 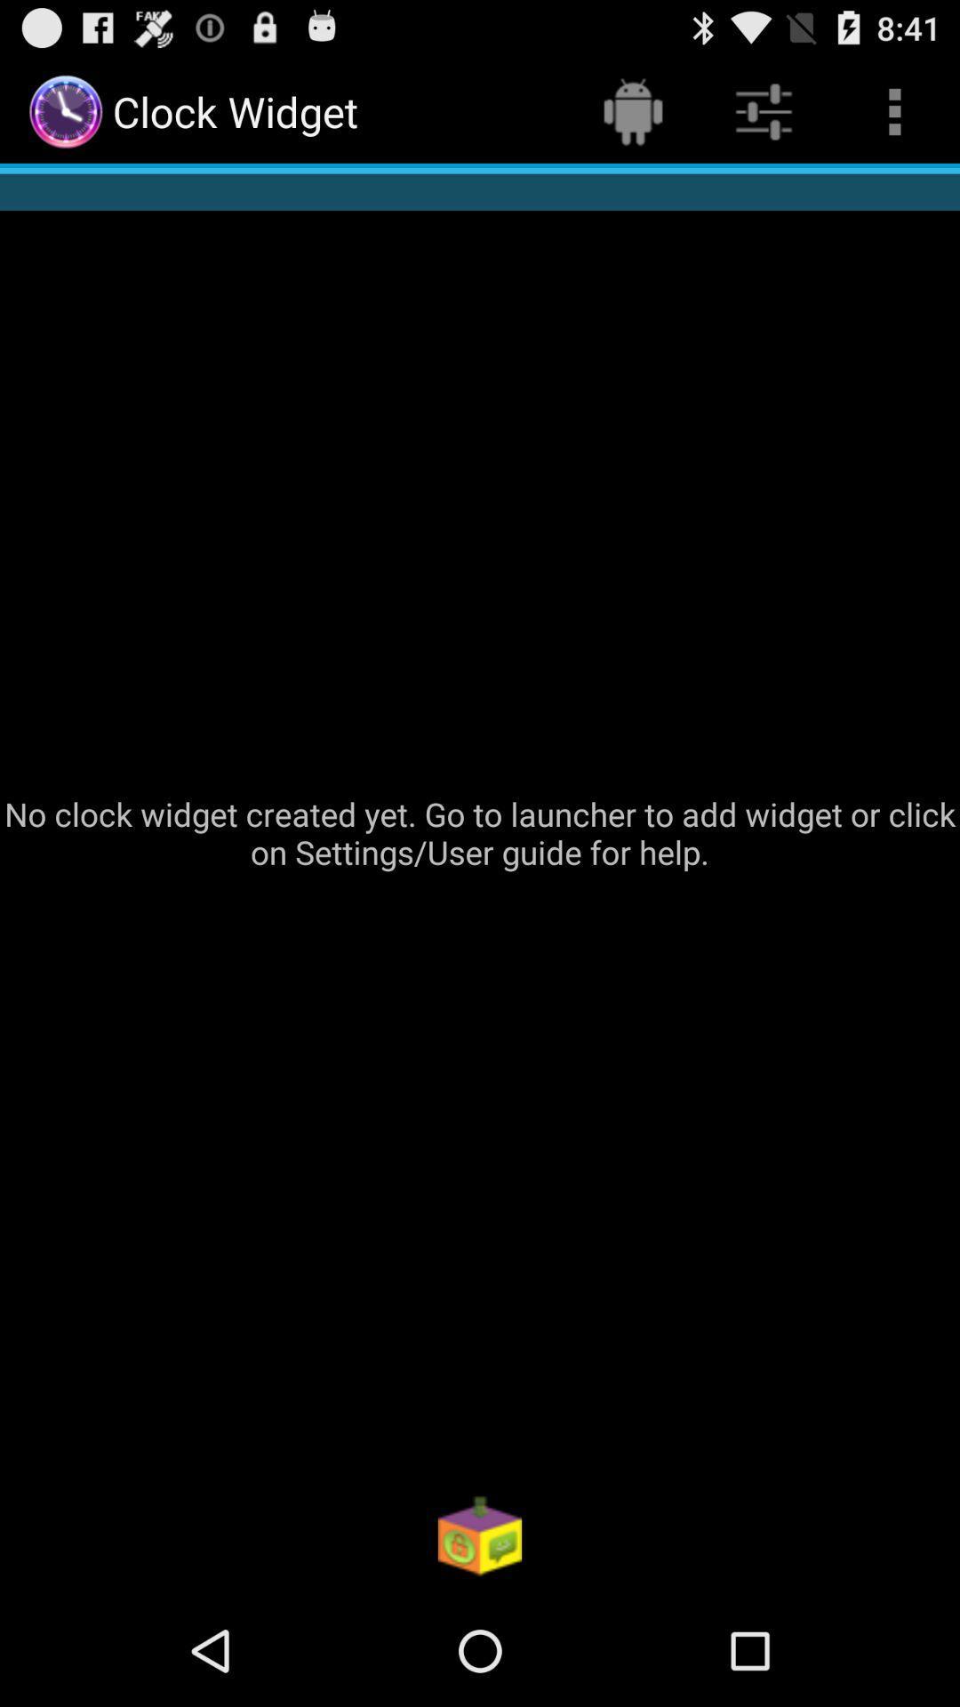 I want to click on icon above no clock widget icon, so click(x=894, y=110).